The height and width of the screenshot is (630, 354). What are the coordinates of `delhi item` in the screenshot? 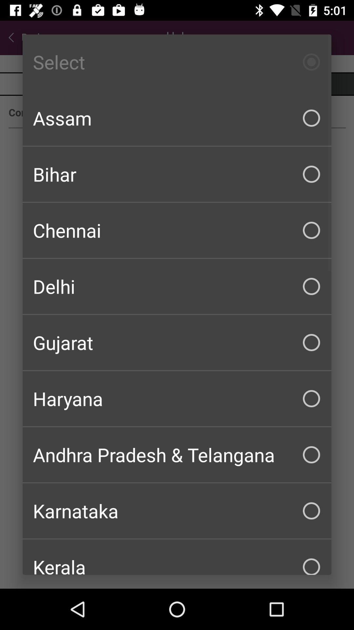 It's located at (177, 286).